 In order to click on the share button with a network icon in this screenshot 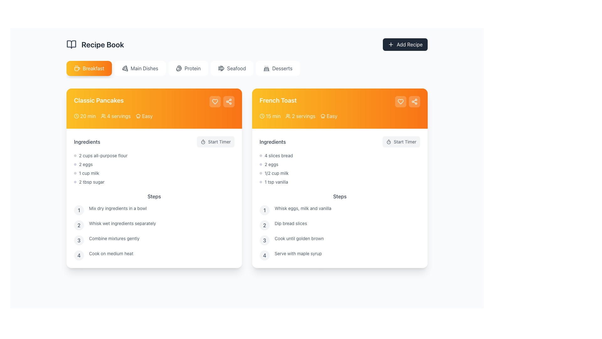, I will do `click(228, 101)`.